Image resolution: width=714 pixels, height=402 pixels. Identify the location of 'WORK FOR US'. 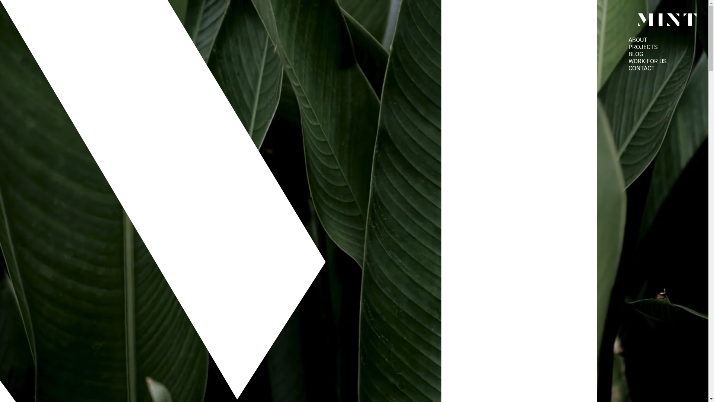
(647, 61).